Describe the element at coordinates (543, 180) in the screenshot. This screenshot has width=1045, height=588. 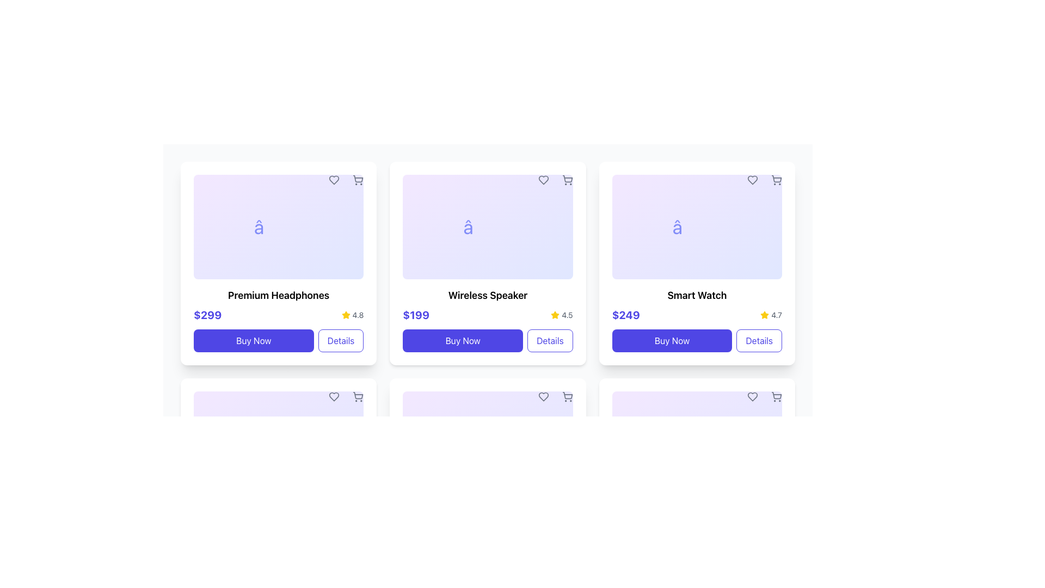
I see `the Heart icon located in the upper-right corner of the product card for the 'Wireless Speaker'` at that location.